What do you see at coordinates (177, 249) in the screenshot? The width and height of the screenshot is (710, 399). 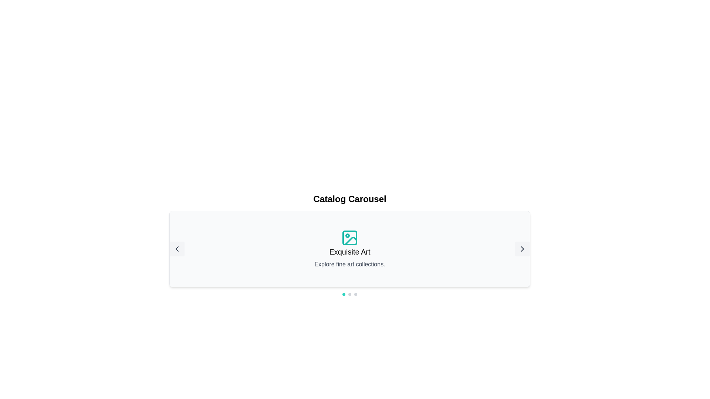 I see `the chevron icon navigation button located on the left side of the 'Catalog Carousel' panel` at bounding box center [177, 249].